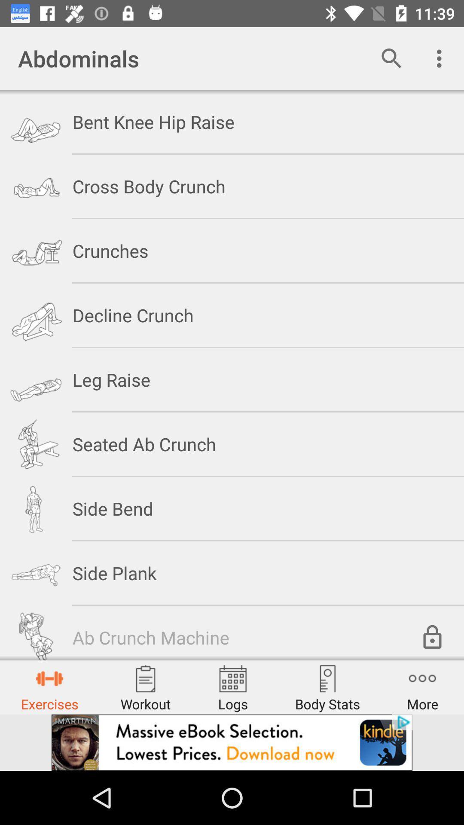 This screenshot has height=825, width=464. Describe the element at coordinates (232, 742) in the screenshot. I see `advertisement option` at that location.